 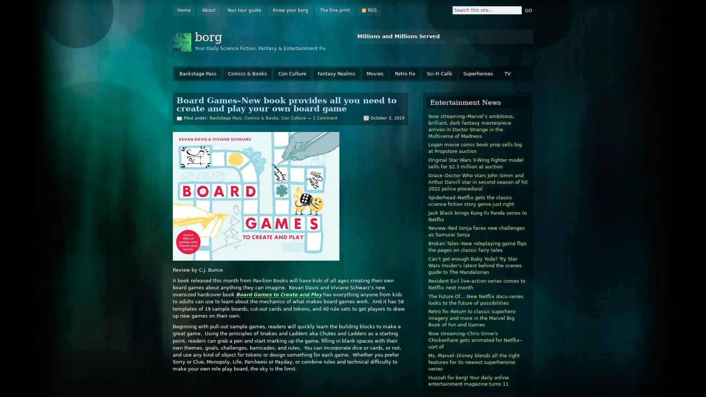 I want to click on GO, so click(x=528, y=10).